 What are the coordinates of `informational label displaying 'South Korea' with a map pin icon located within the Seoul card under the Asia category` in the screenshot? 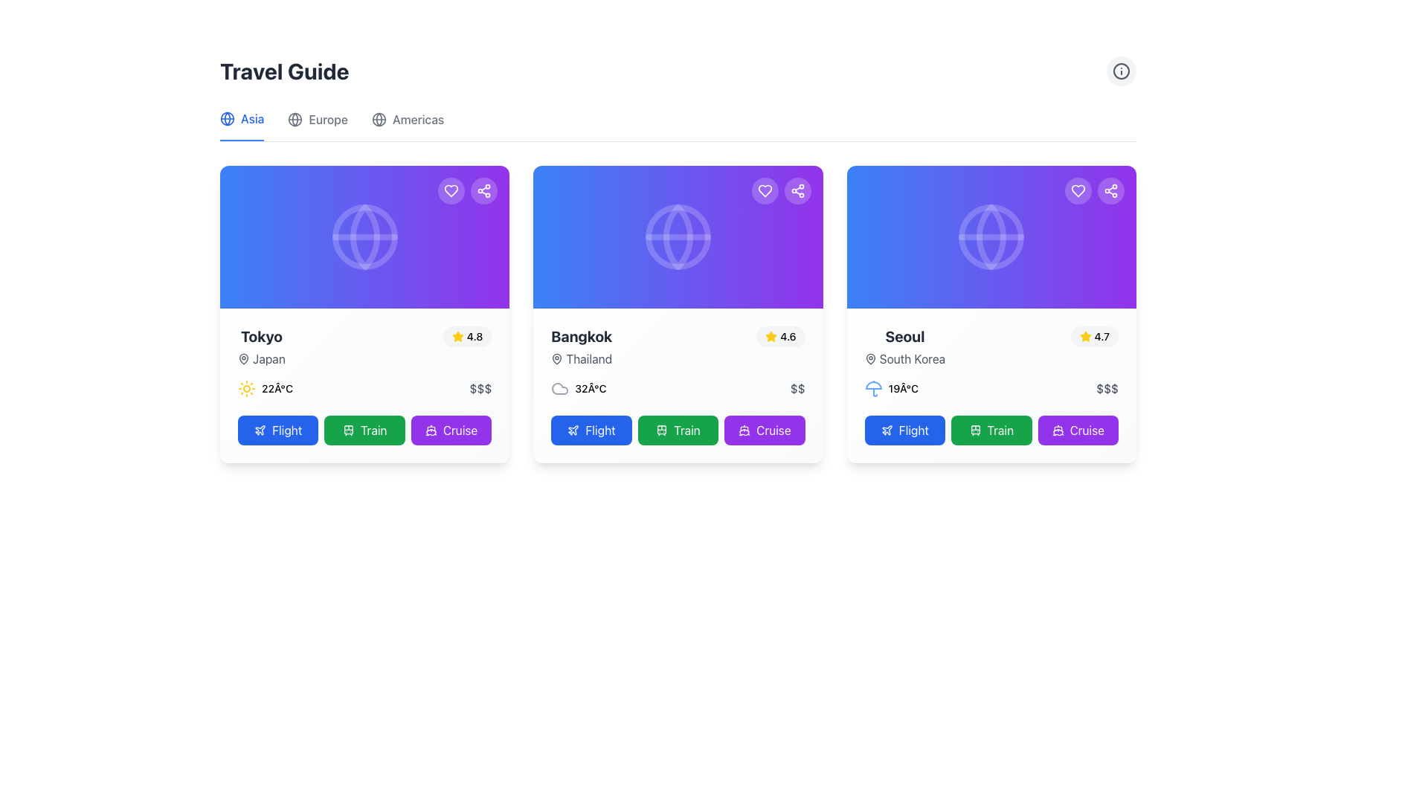 It's located at (904, 358).